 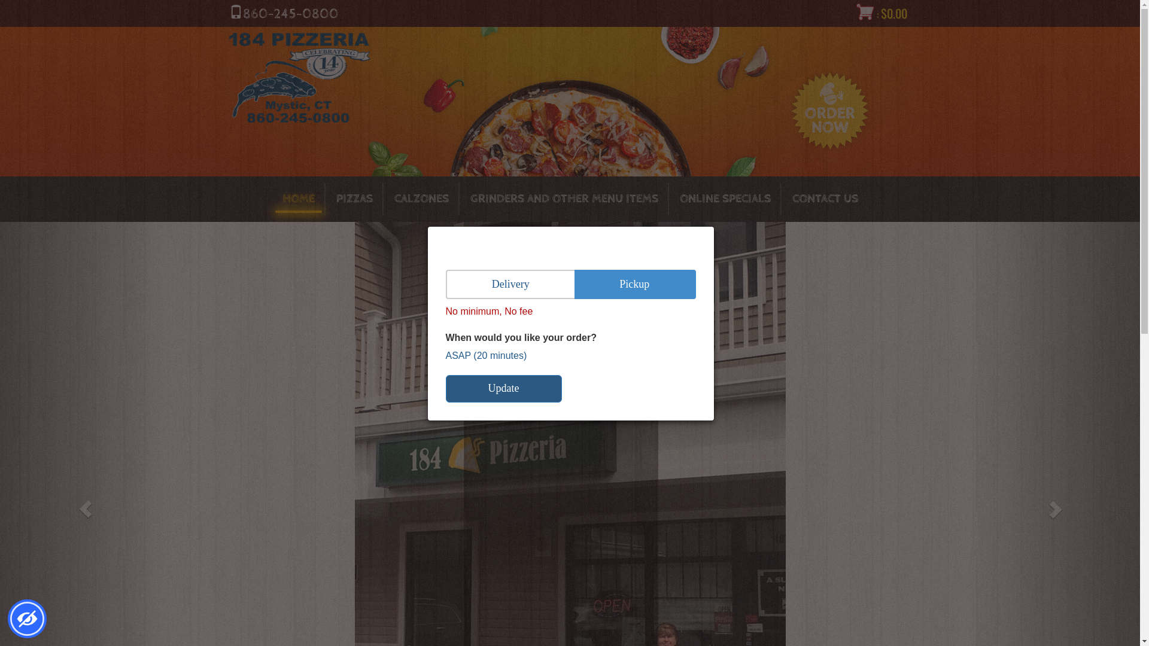 What do you see at coordinates (824, 198) in the screenshot?
I see `'CONTACT US'` at bounding box center [824, 198].